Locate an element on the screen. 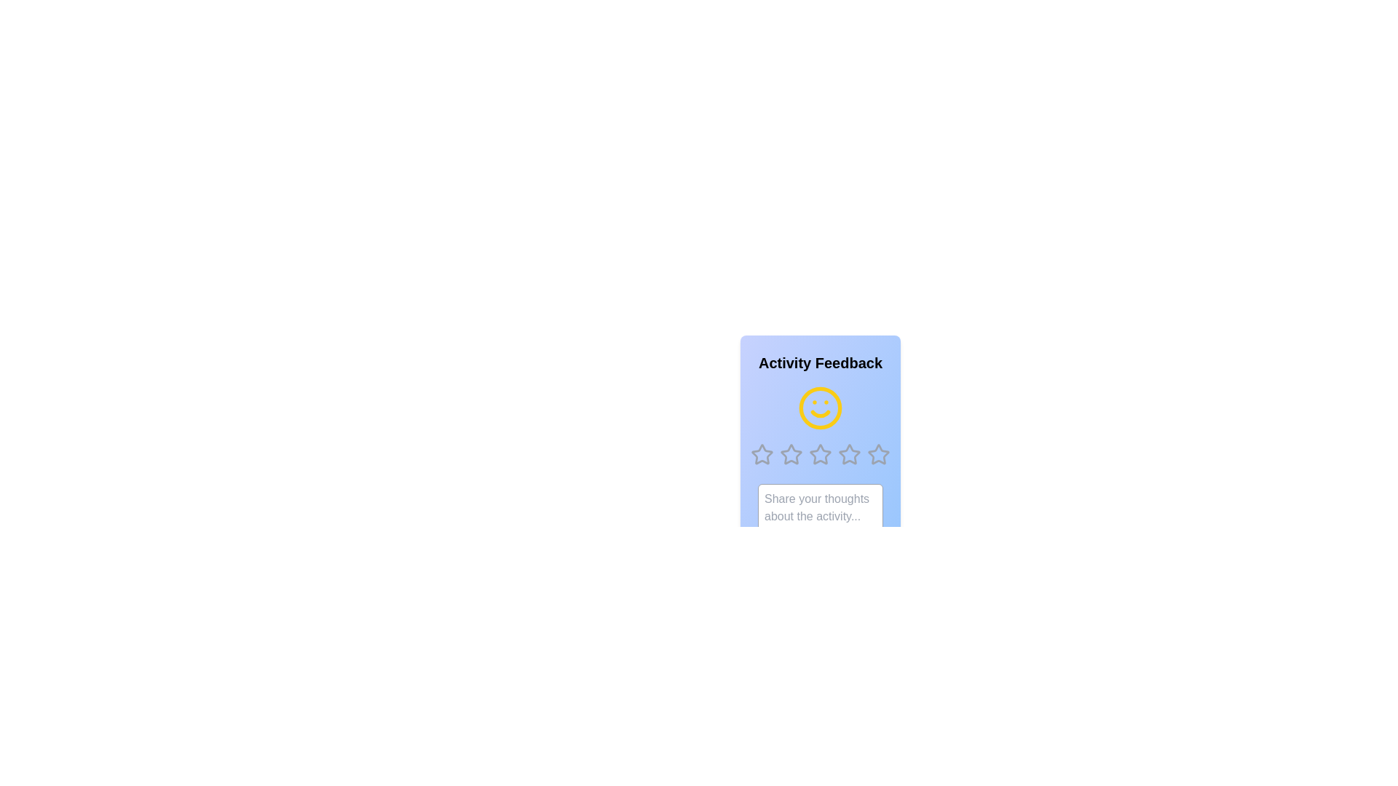 The height and width of the screenshot is (786, 1398). the third star-shaped rating icon for keyboard interaction is located at coordinates (821, 453).